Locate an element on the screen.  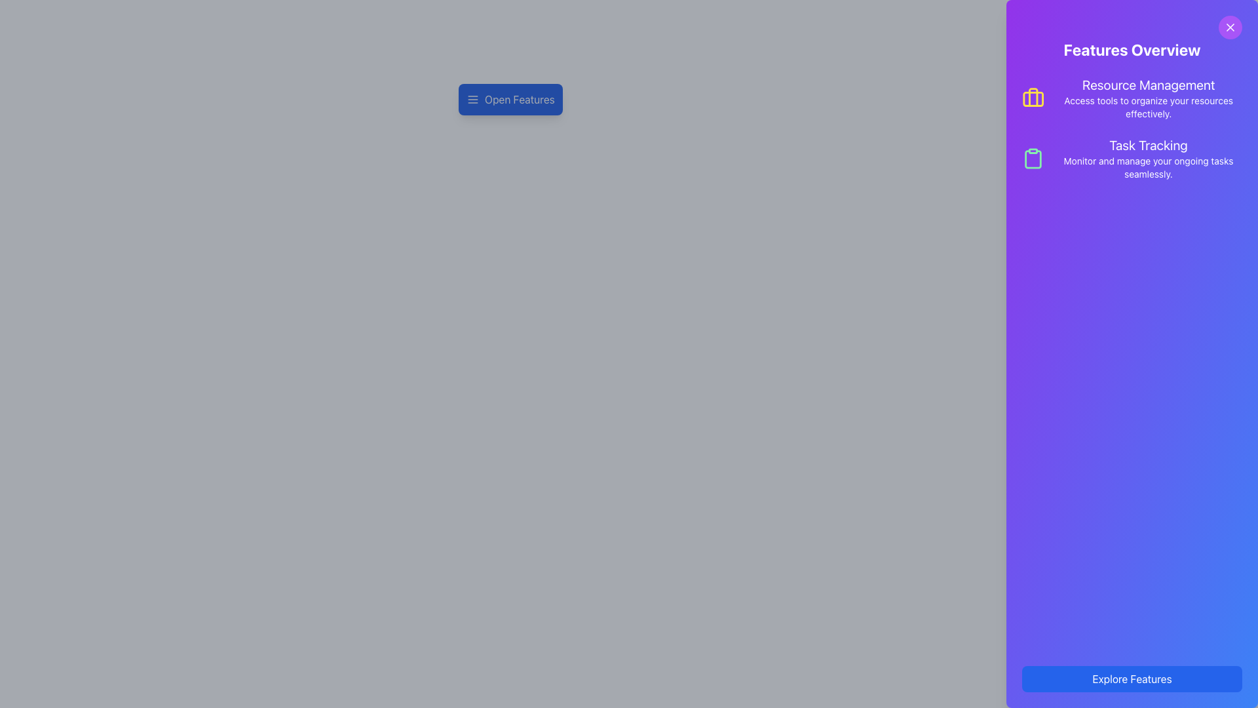
the Text Label element that reads 'Access tools to organize your resources effectively,' which is located under the 'Resource Management' heading in the 'Features Overview' section is located at coordinates (1148, 107).